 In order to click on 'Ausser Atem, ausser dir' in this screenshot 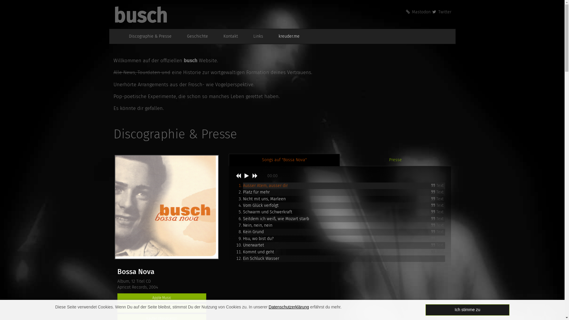, I will do `click(265, 185)`.